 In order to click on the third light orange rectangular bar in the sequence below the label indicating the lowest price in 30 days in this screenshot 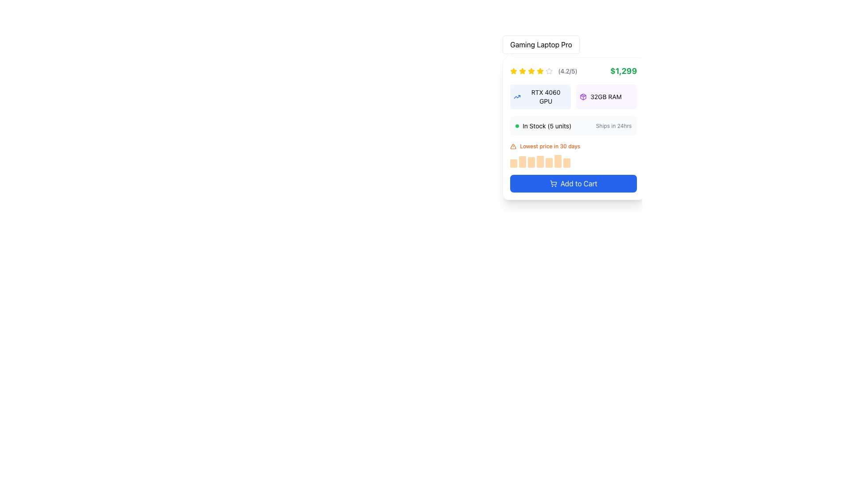, I will do `click(531, 162)`.